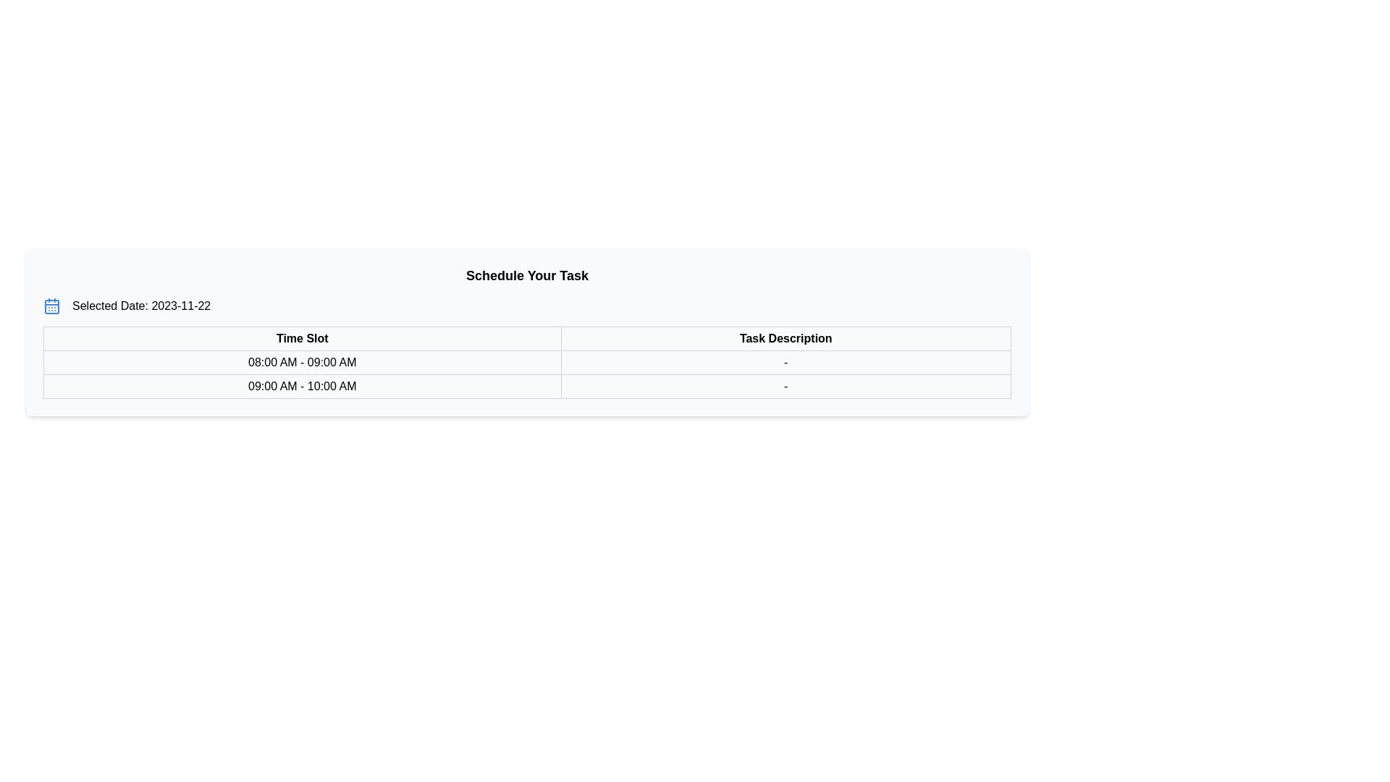 The width and height of the screenshot is (1390, 782). What do you see at coordinates (52, 306) in the screenshot?
I see `the calendar icon, which is a rounded rectangle with blue edges and a white fill, located next to the 'Selected Date' label` at bounding box center [52, 306].